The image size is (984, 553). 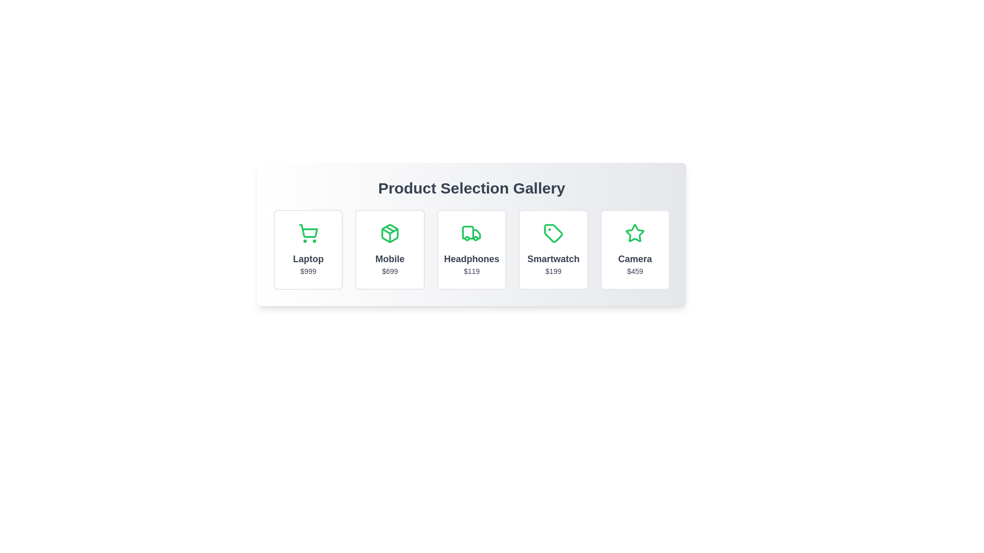 I want to click on the price label displaying '$119' located beneath the 'Headphones' label in the interface, which is centered under the 'Headphones' product card, so click(x=471, y=270).